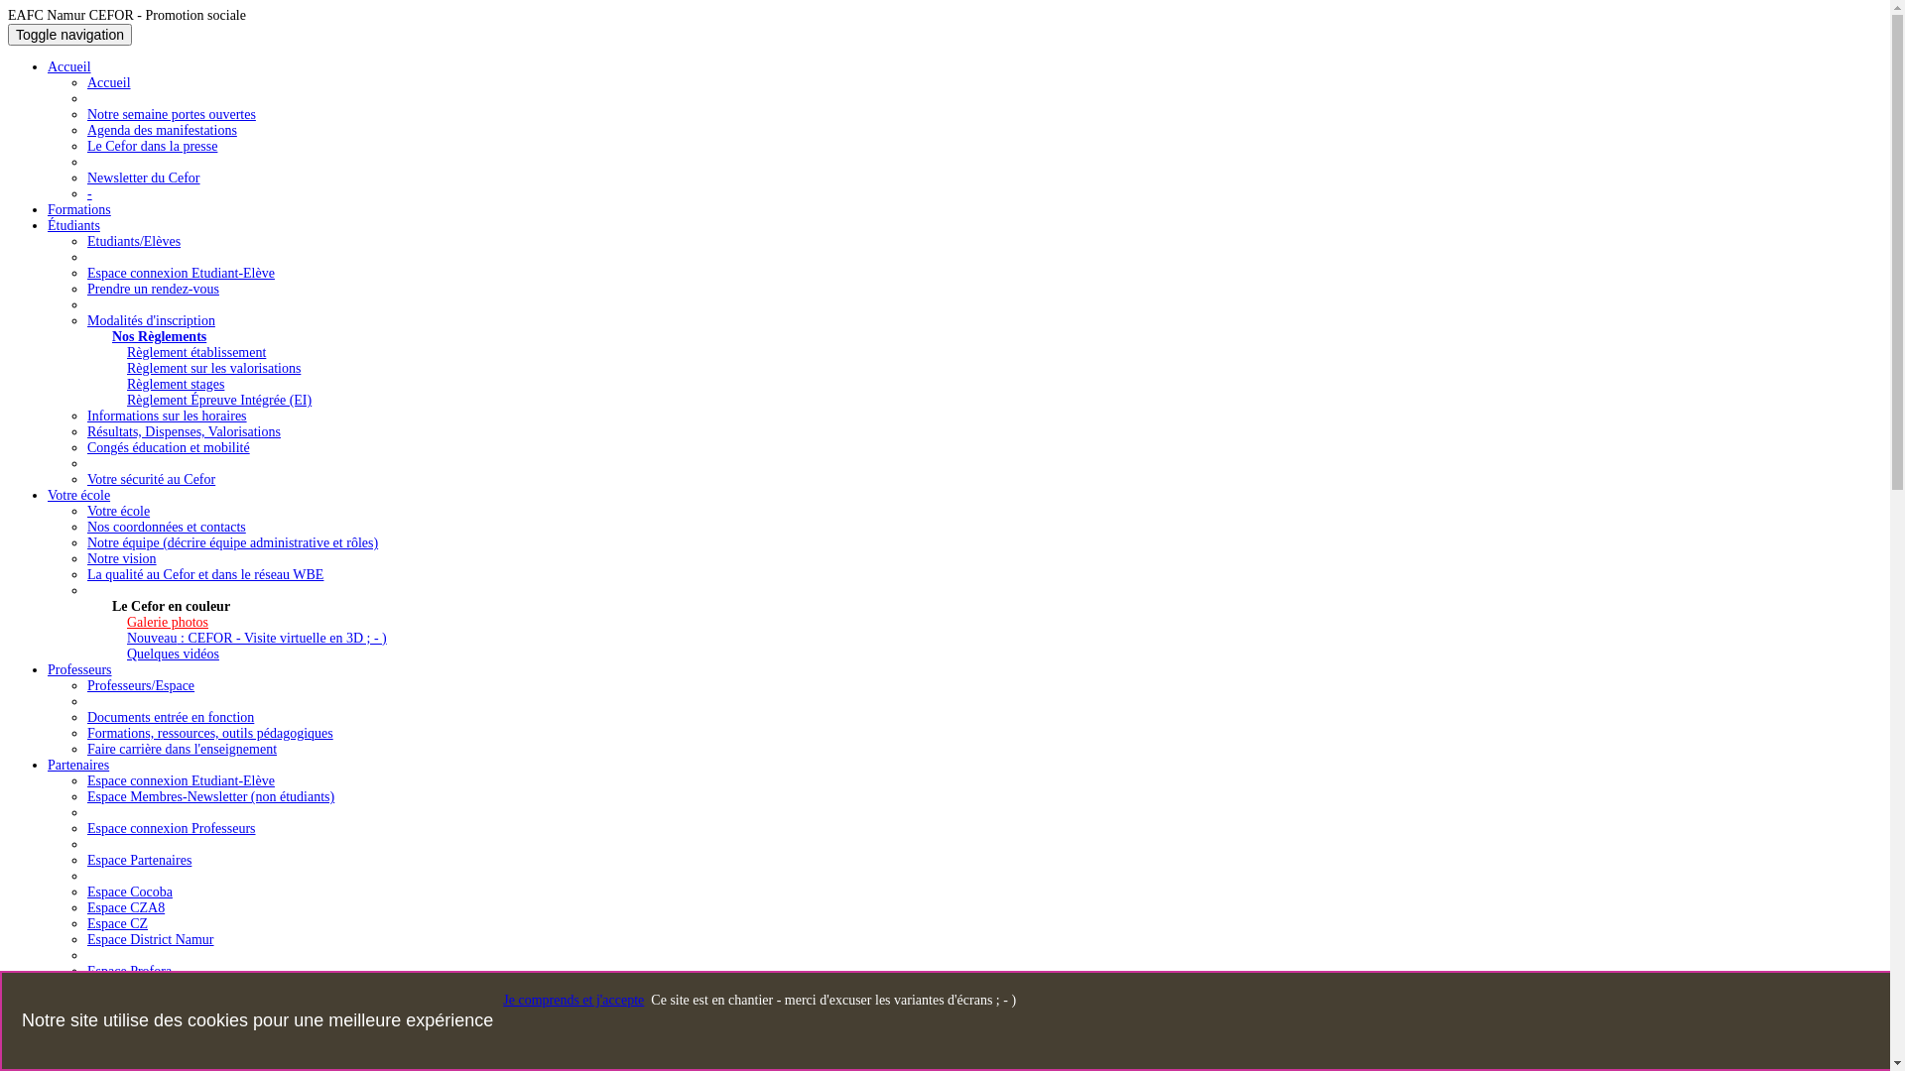 The image size is (1905, 1071). I want to click on 'Espace Cocoba', so click(128, 891).